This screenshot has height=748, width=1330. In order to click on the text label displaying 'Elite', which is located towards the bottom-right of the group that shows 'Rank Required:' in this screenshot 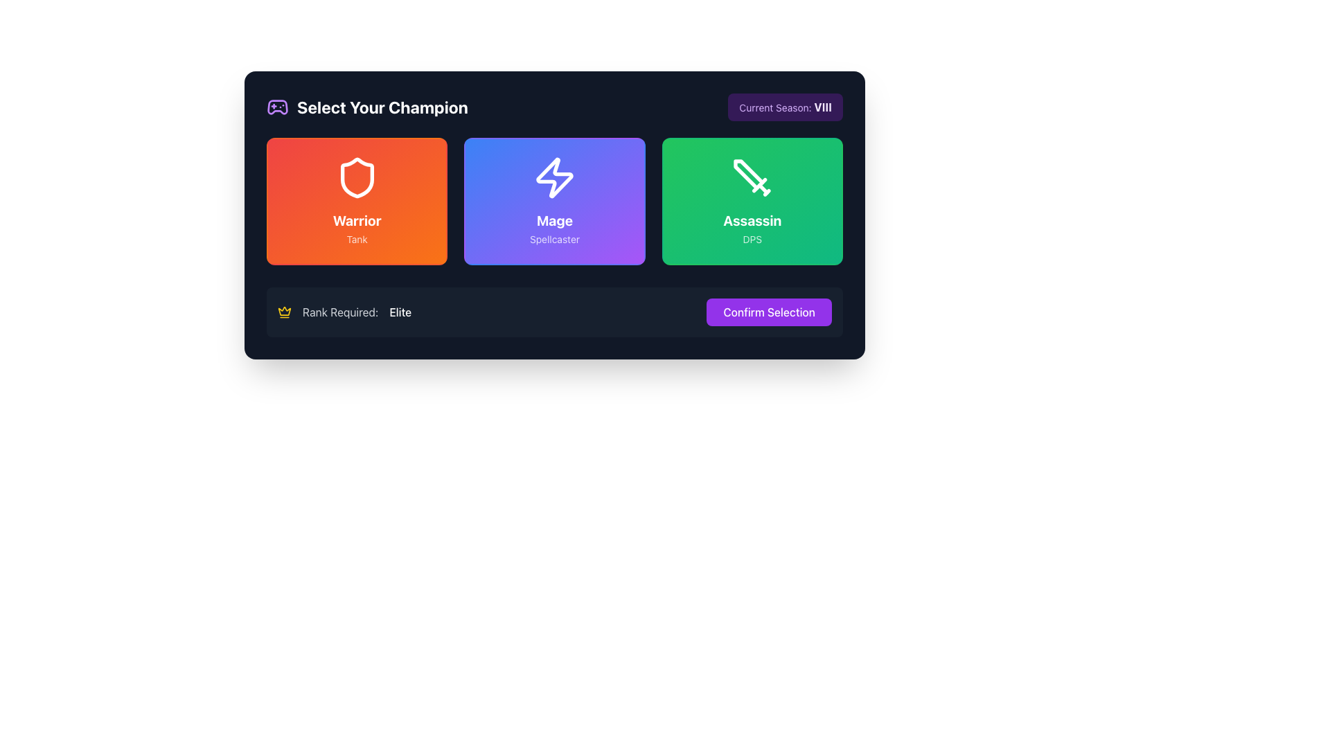, I will do `click(400, 312)`.